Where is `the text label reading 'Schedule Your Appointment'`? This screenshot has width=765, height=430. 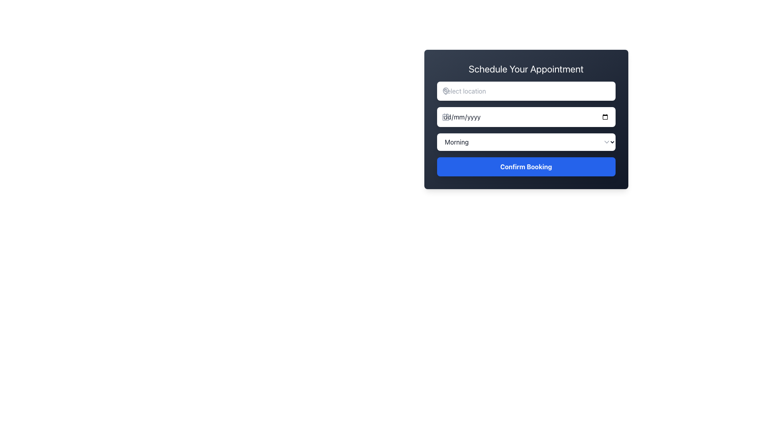
the text label reading 'Schedule Your Appointment' is located at coordinates (526, 68).